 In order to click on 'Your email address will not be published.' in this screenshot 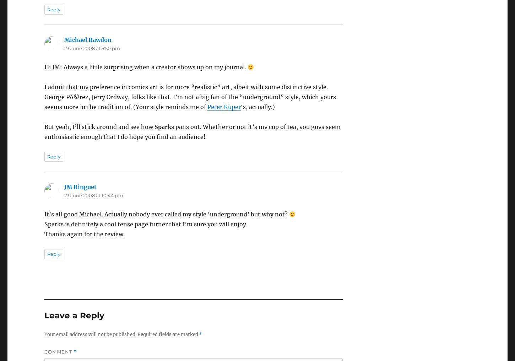, I will do `click(90, 334)`.